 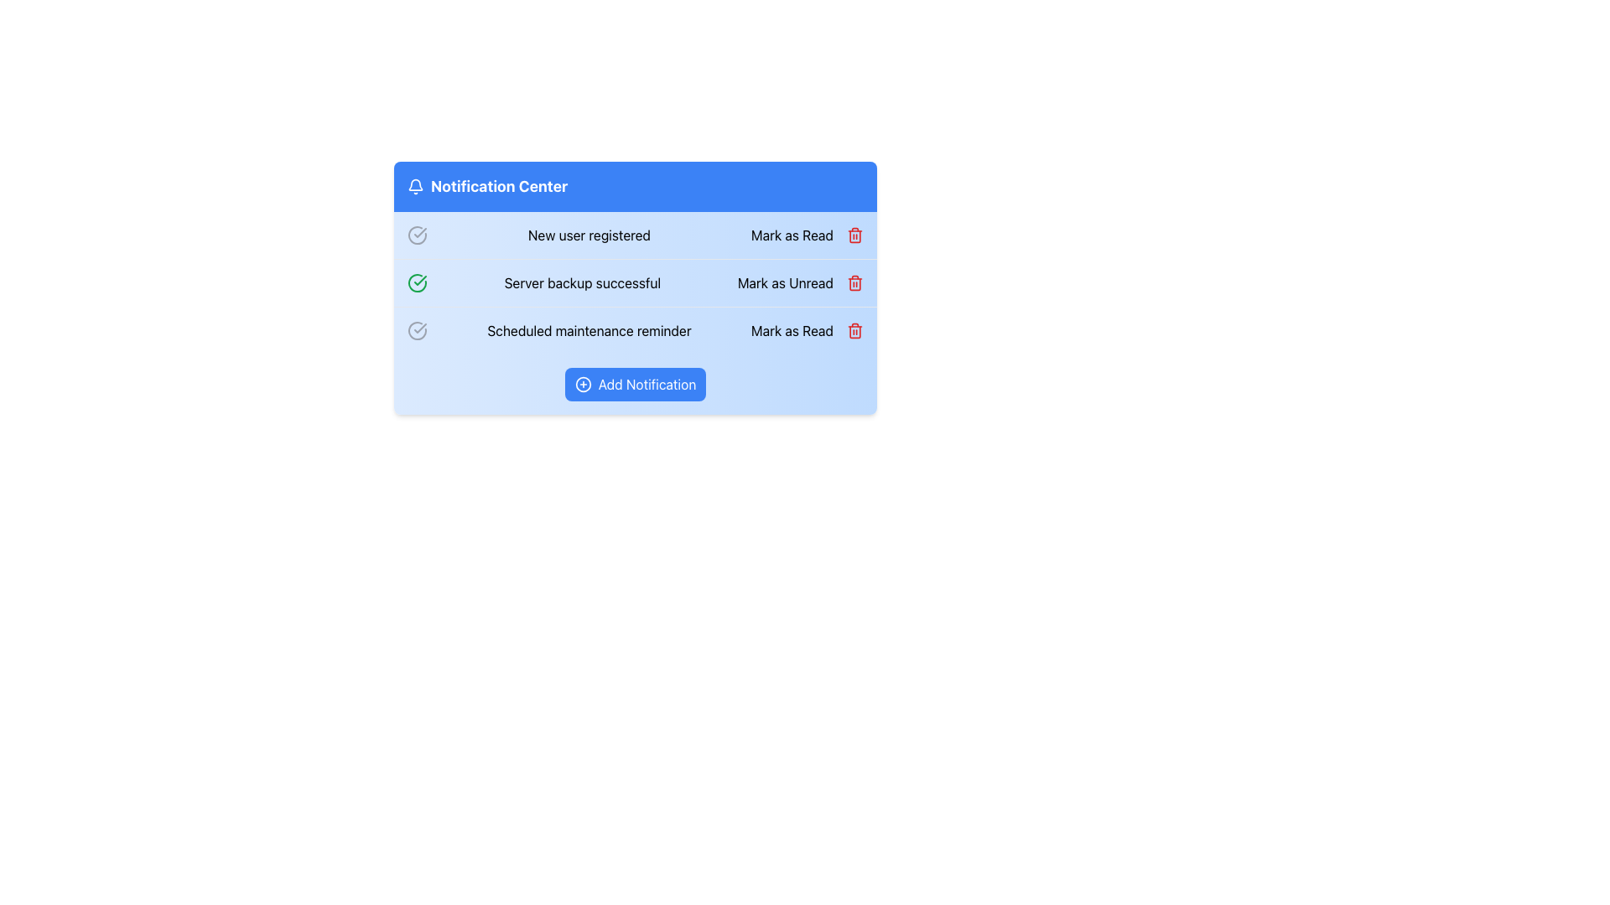 I want to click on the button at the far-right end of the 'Server backup successful' notification row, so click(x=784, y=282).